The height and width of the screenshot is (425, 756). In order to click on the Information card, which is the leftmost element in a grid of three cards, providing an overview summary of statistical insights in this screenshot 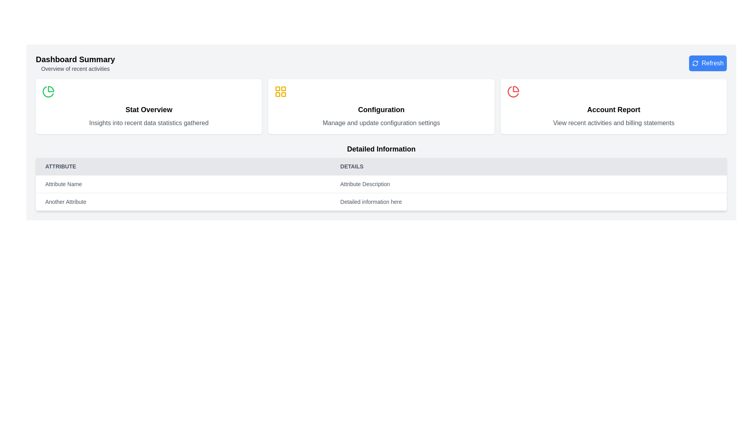, I will do `click(149, 106)`.